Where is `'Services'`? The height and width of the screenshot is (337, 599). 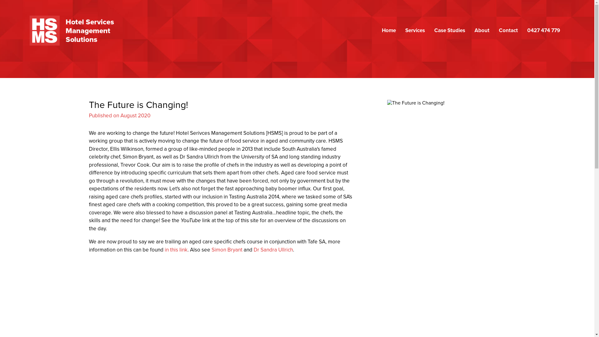
'Services' is located at coordinates (415, 30).